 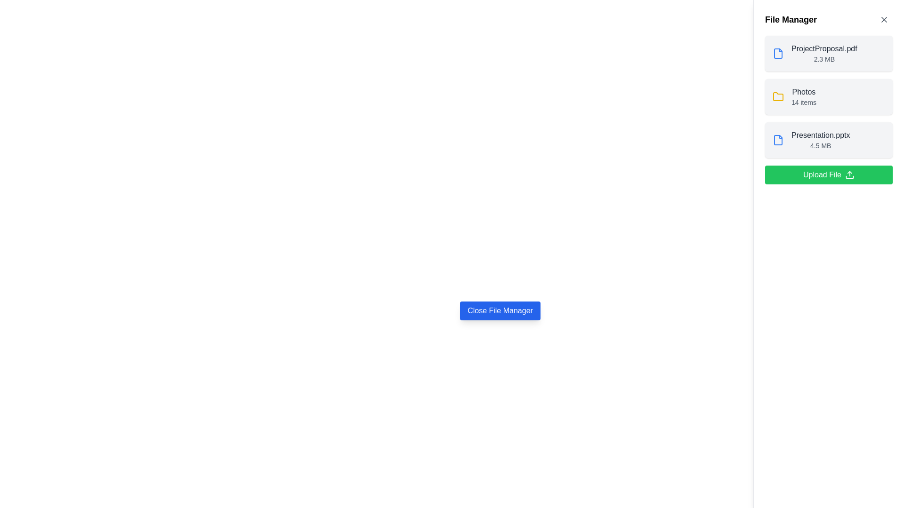 What do you see at coordinates (849, 175) in the screenshot?
I see `the upload icon located inside the 'Upload File' button, which is a full-width green button with rounded corners, positioned towards the right side of the button layout` at bounding box center [849, 175].